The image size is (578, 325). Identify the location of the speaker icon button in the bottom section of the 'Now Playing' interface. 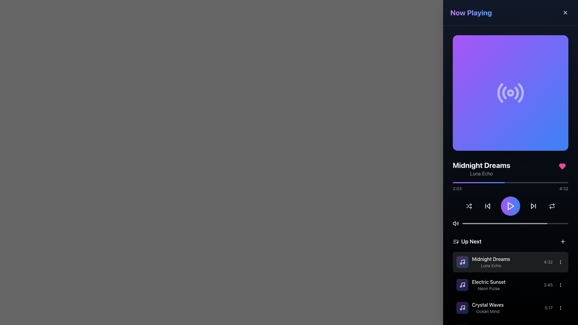
(455, 224).